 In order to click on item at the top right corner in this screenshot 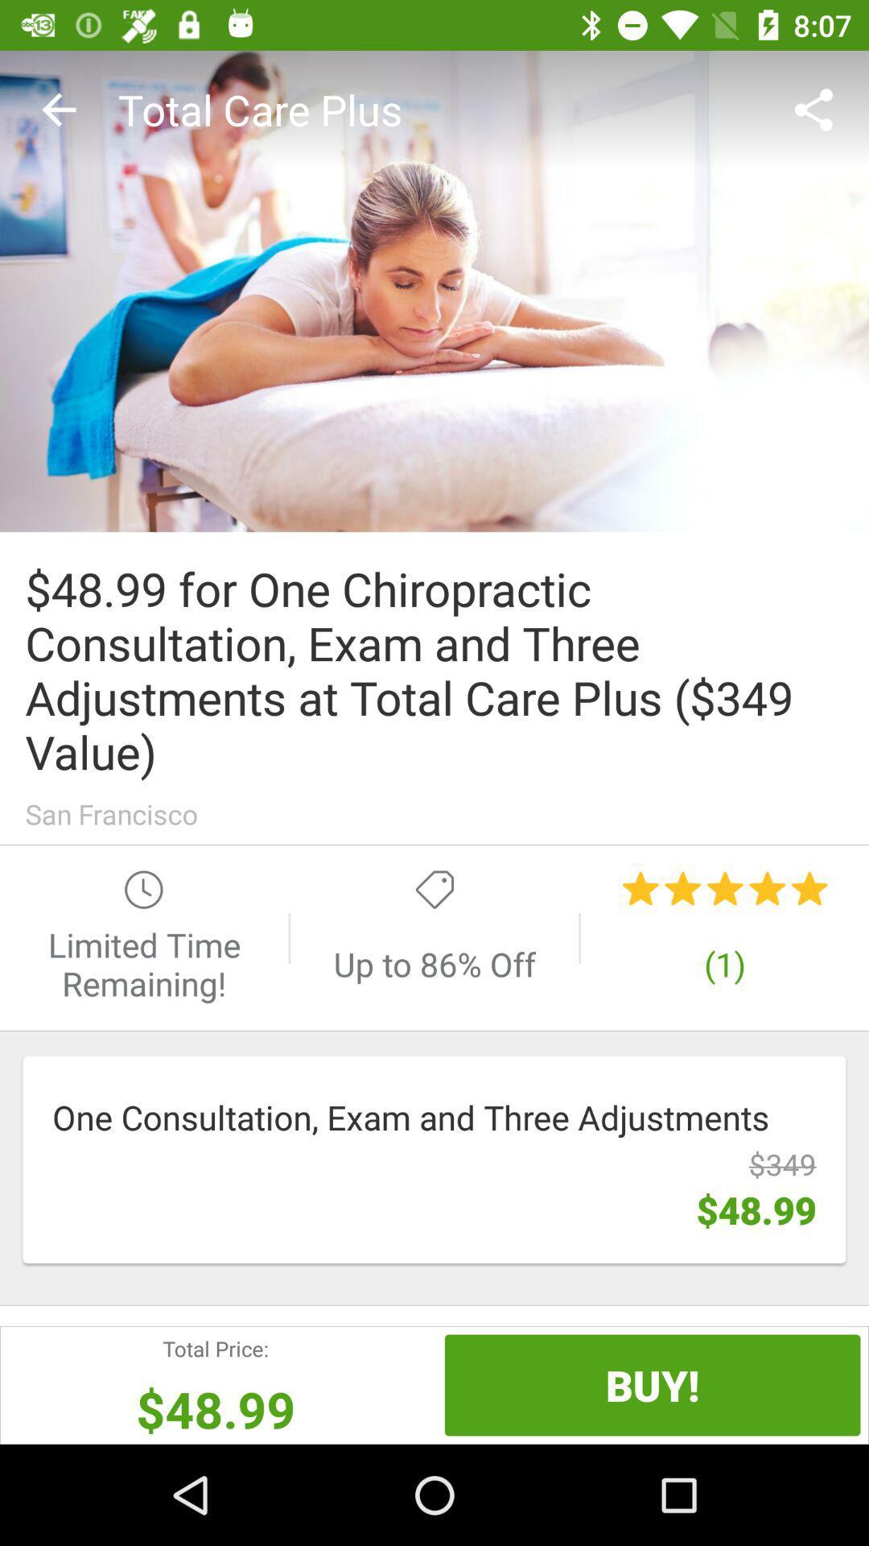, I will do `click(818, 109)`.